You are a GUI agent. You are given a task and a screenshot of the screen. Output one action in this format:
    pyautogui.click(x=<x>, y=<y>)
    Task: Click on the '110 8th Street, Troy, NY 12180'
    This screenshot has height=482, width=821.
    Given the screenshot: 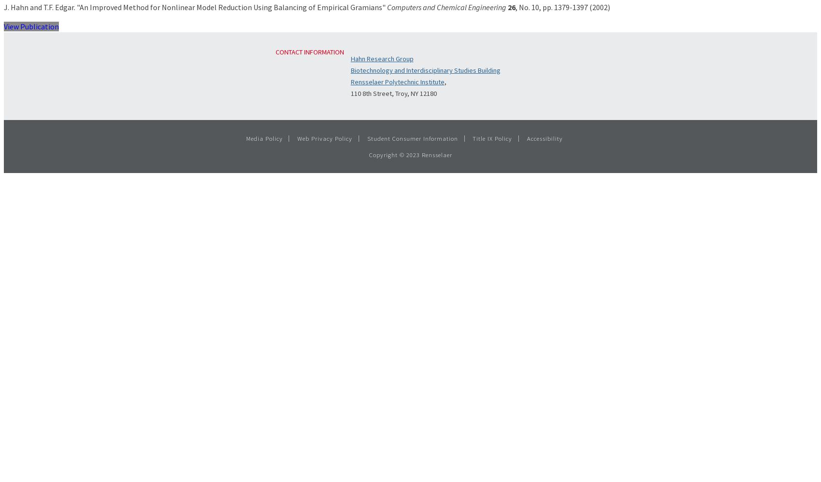 What is the action you would take?
    pyautogui.click(x=393, y=93)
    